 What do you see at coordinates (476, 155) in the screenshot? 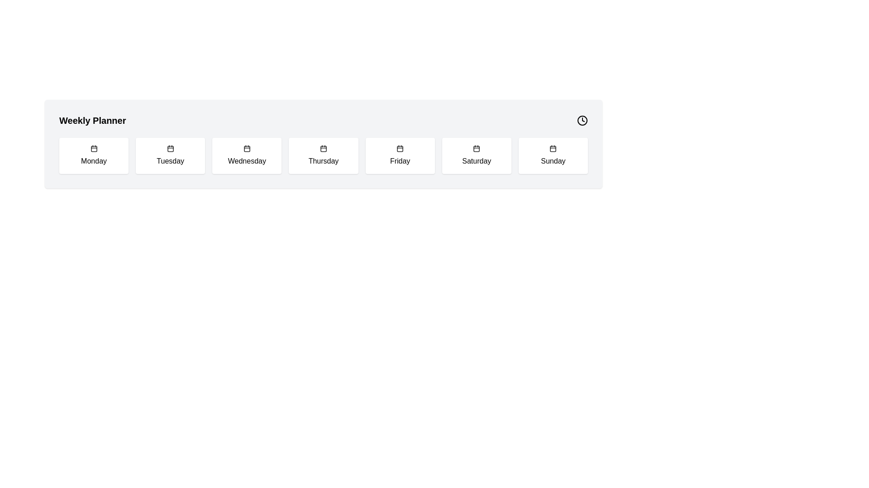
I see `the button representing 'Saturday' in the weekly planner interface` at bounding box center [476, 155].